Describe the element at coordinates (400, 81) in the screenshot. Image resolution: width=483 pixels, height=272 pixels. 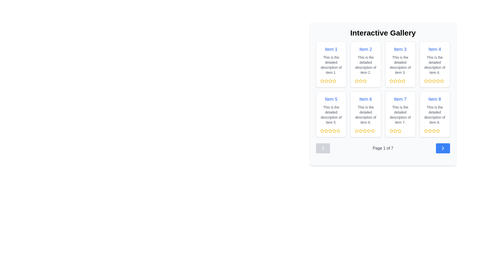
I see `the individual yellow star icon in the Rating component located below the text description 'This is the detailed description of item 3.' in the third card of the 'Interactive Gallery.'` at that location.